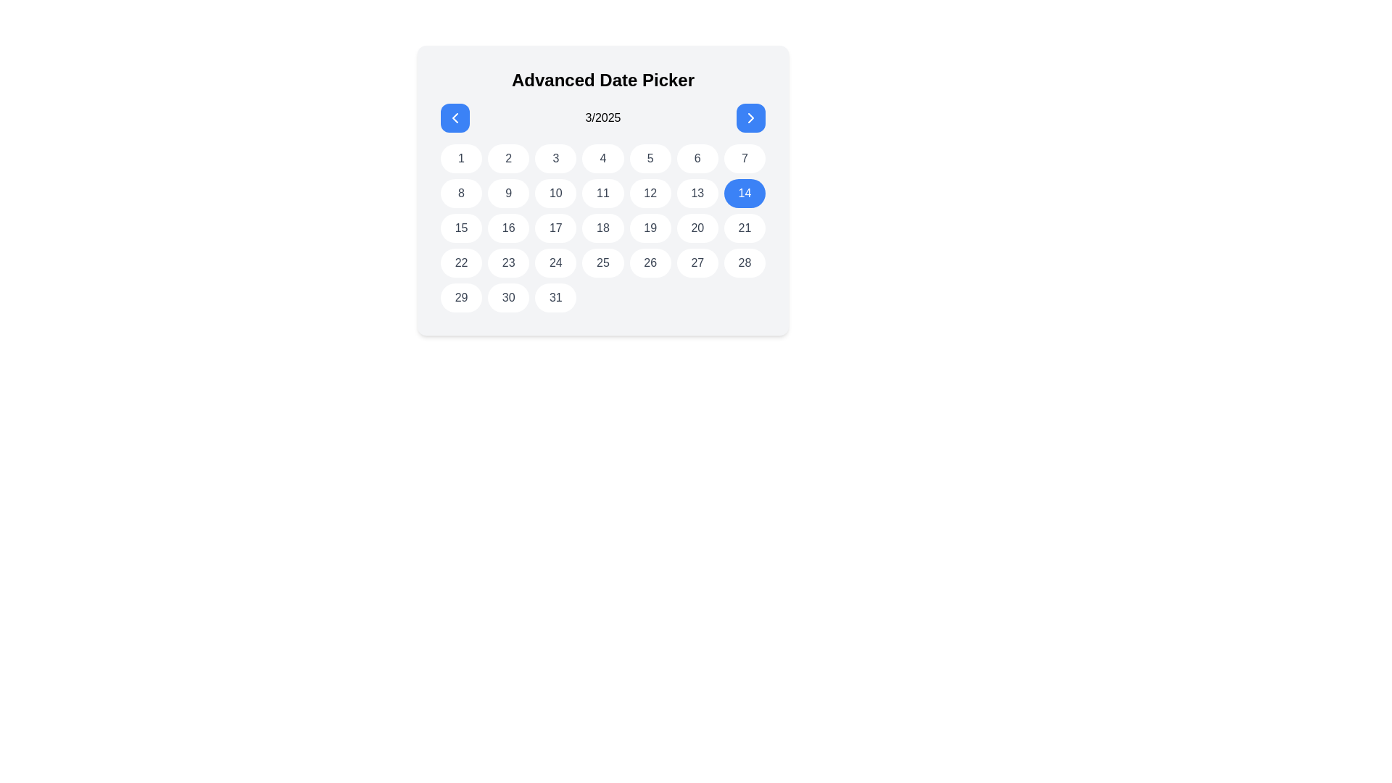 This screenshot has height=783, width=1392. What do you see at coordinates (751, 117) in the screenshot?
I see `the right navigation button for advancing months in the calendar interface, which features a rightward chevron arrow icon` at bounding box center [751, 117].